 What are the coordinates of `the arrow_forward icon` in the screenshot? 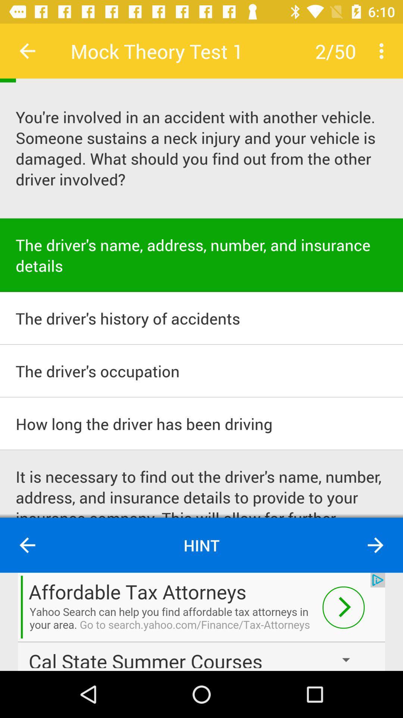 It's located at (375, 545).